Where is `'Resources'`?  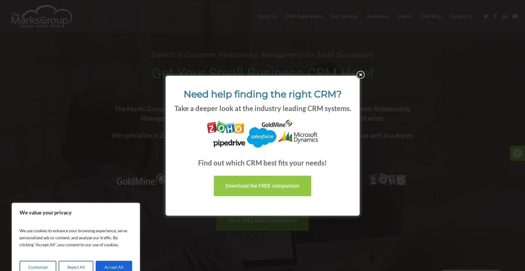 'Resources' is located at coordinates (378, 18).